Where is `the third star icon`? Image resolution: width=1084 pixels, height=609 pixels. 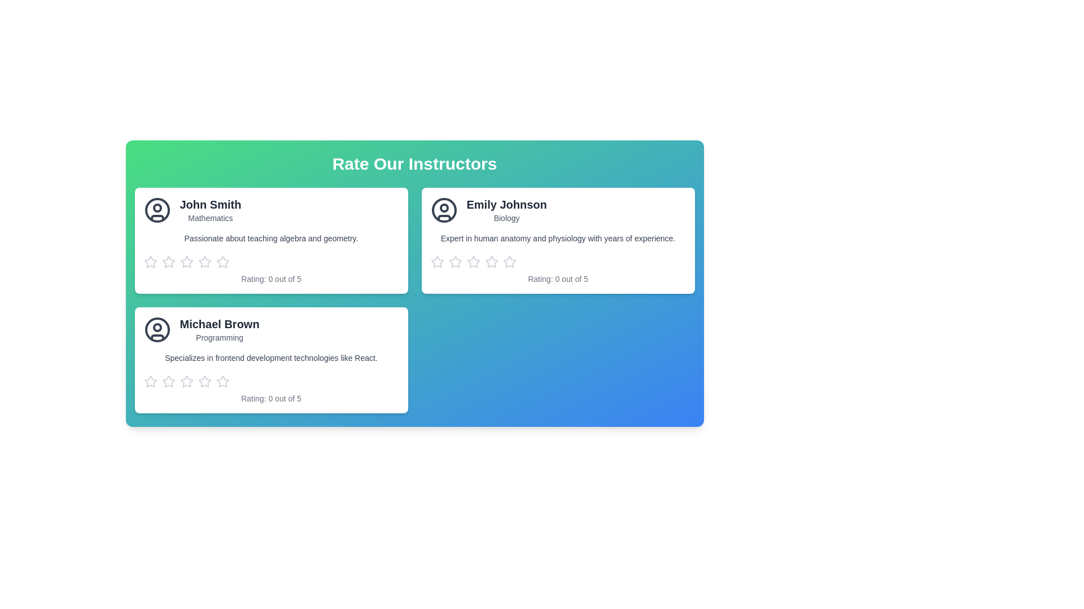
the third star icon is located at coordinates (509, 262).